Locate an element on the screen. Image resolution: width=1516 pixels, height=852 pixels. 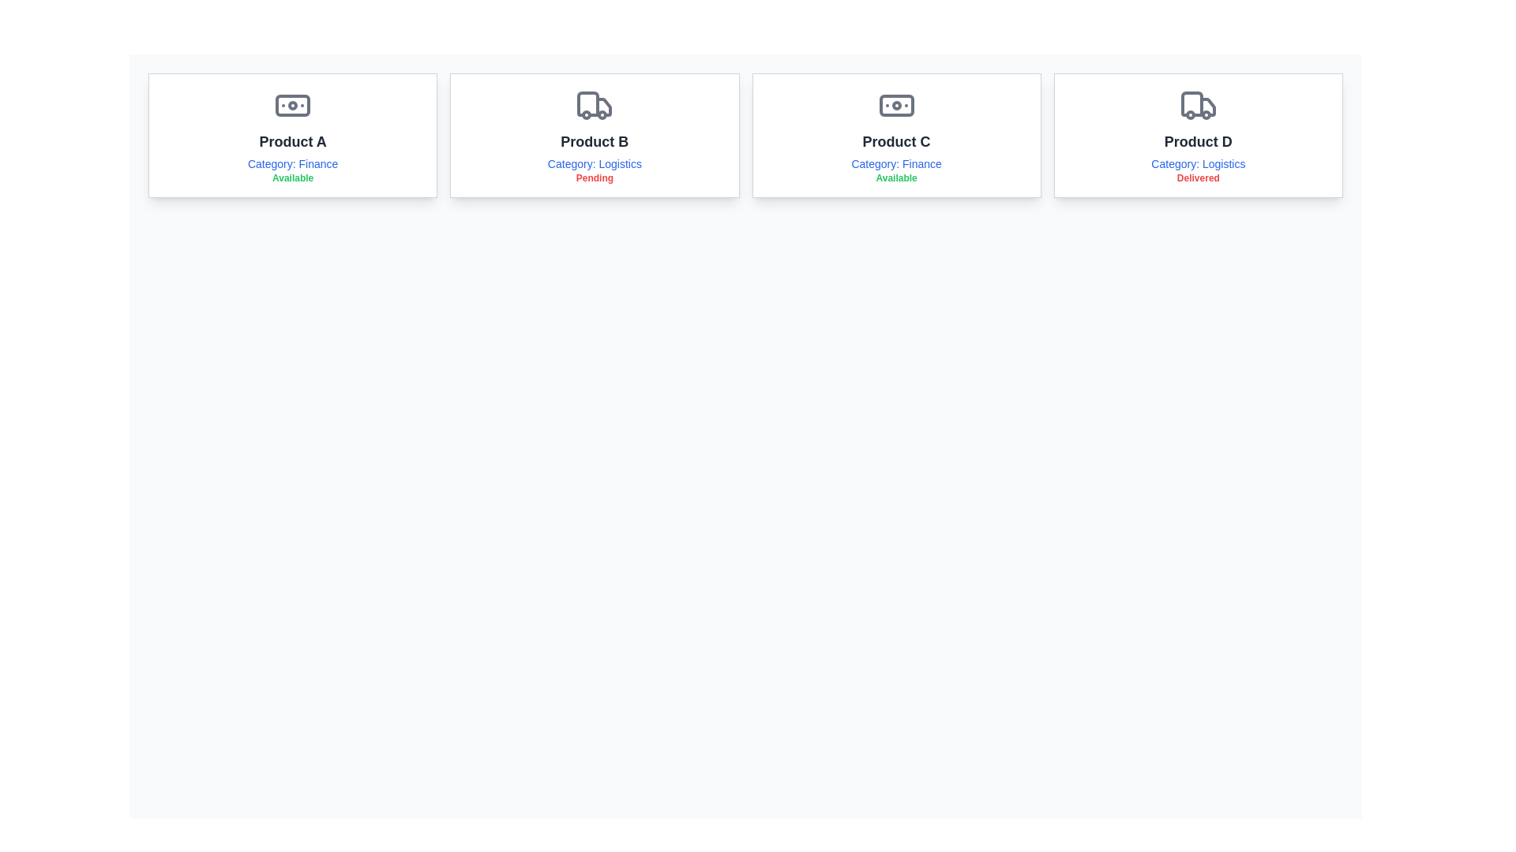
the text label displaying 'Available', which is styled in bold green sans-serif font and located at the bottom of the card for 'Product C', beneath the subtitle 'Category: Finance' is located at coordinates (896, 177).